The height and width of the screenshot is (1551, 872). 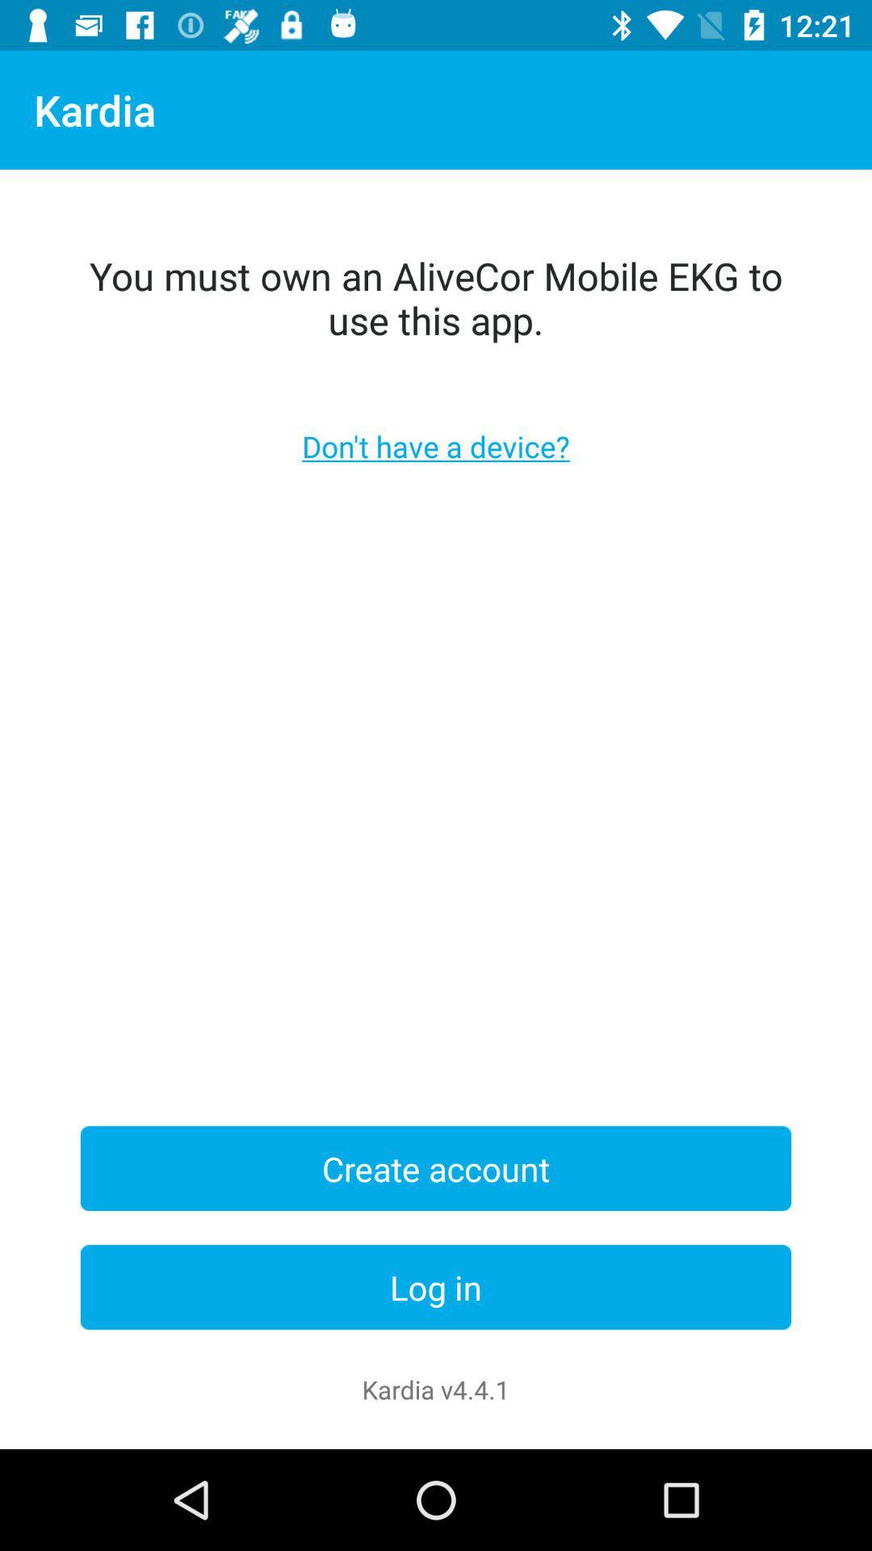 I want to click on don t have, so click(x=436, y=446).